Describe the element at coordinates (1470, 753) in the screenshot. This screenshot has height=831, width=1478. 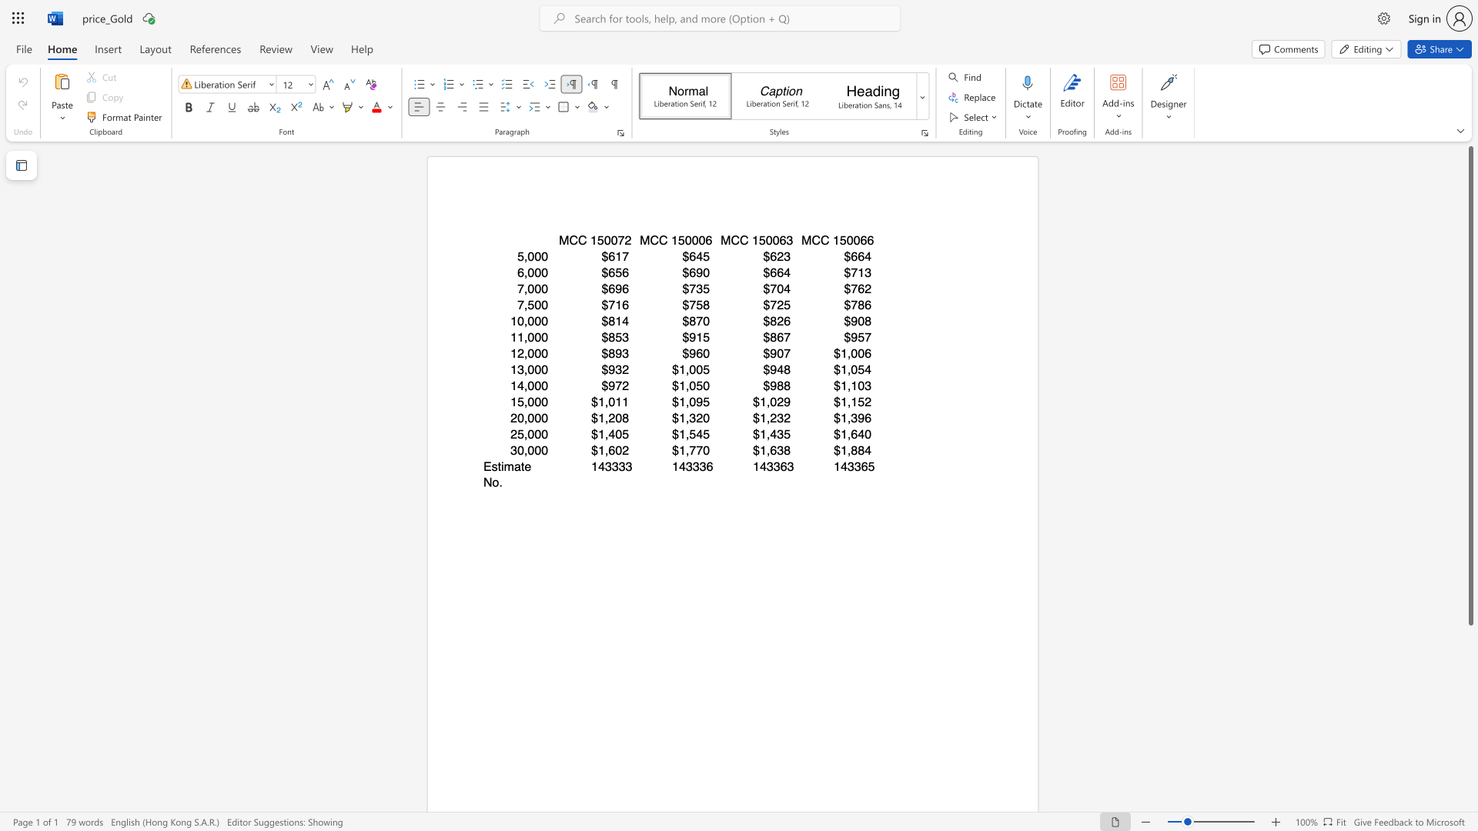
I see `the scrollbar to move the view down` at that location.